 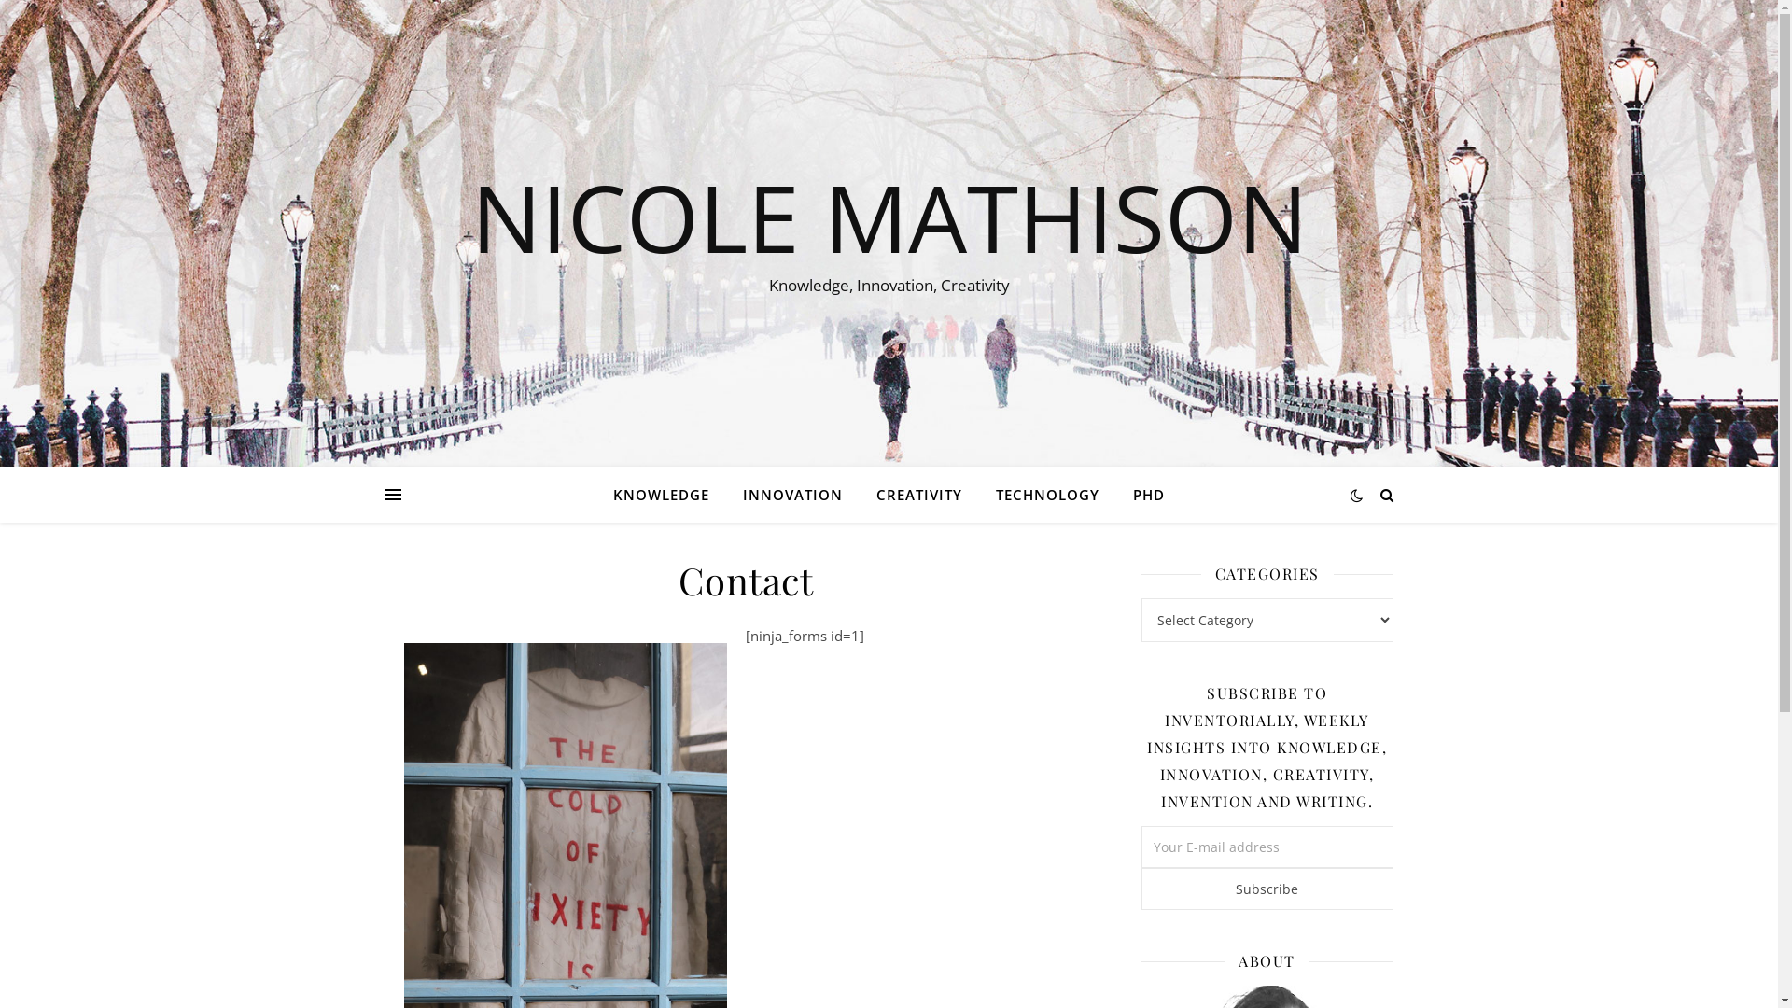 I want to click on 'Subscribe', so click(x=1267, y=888).